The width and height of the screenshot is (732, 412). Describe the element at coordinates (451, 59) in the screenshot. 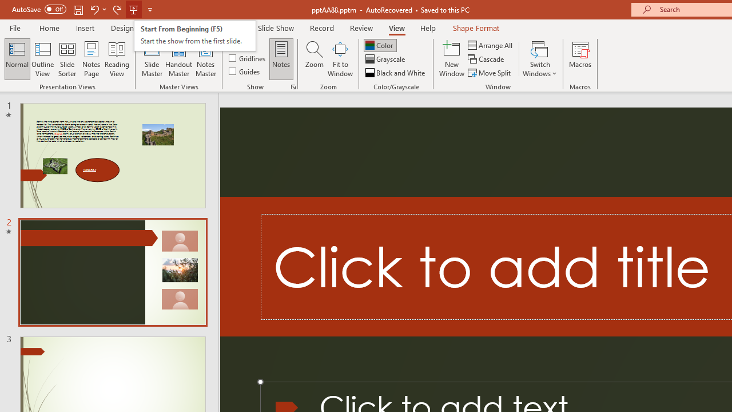

I see `'New Window'` at that location.